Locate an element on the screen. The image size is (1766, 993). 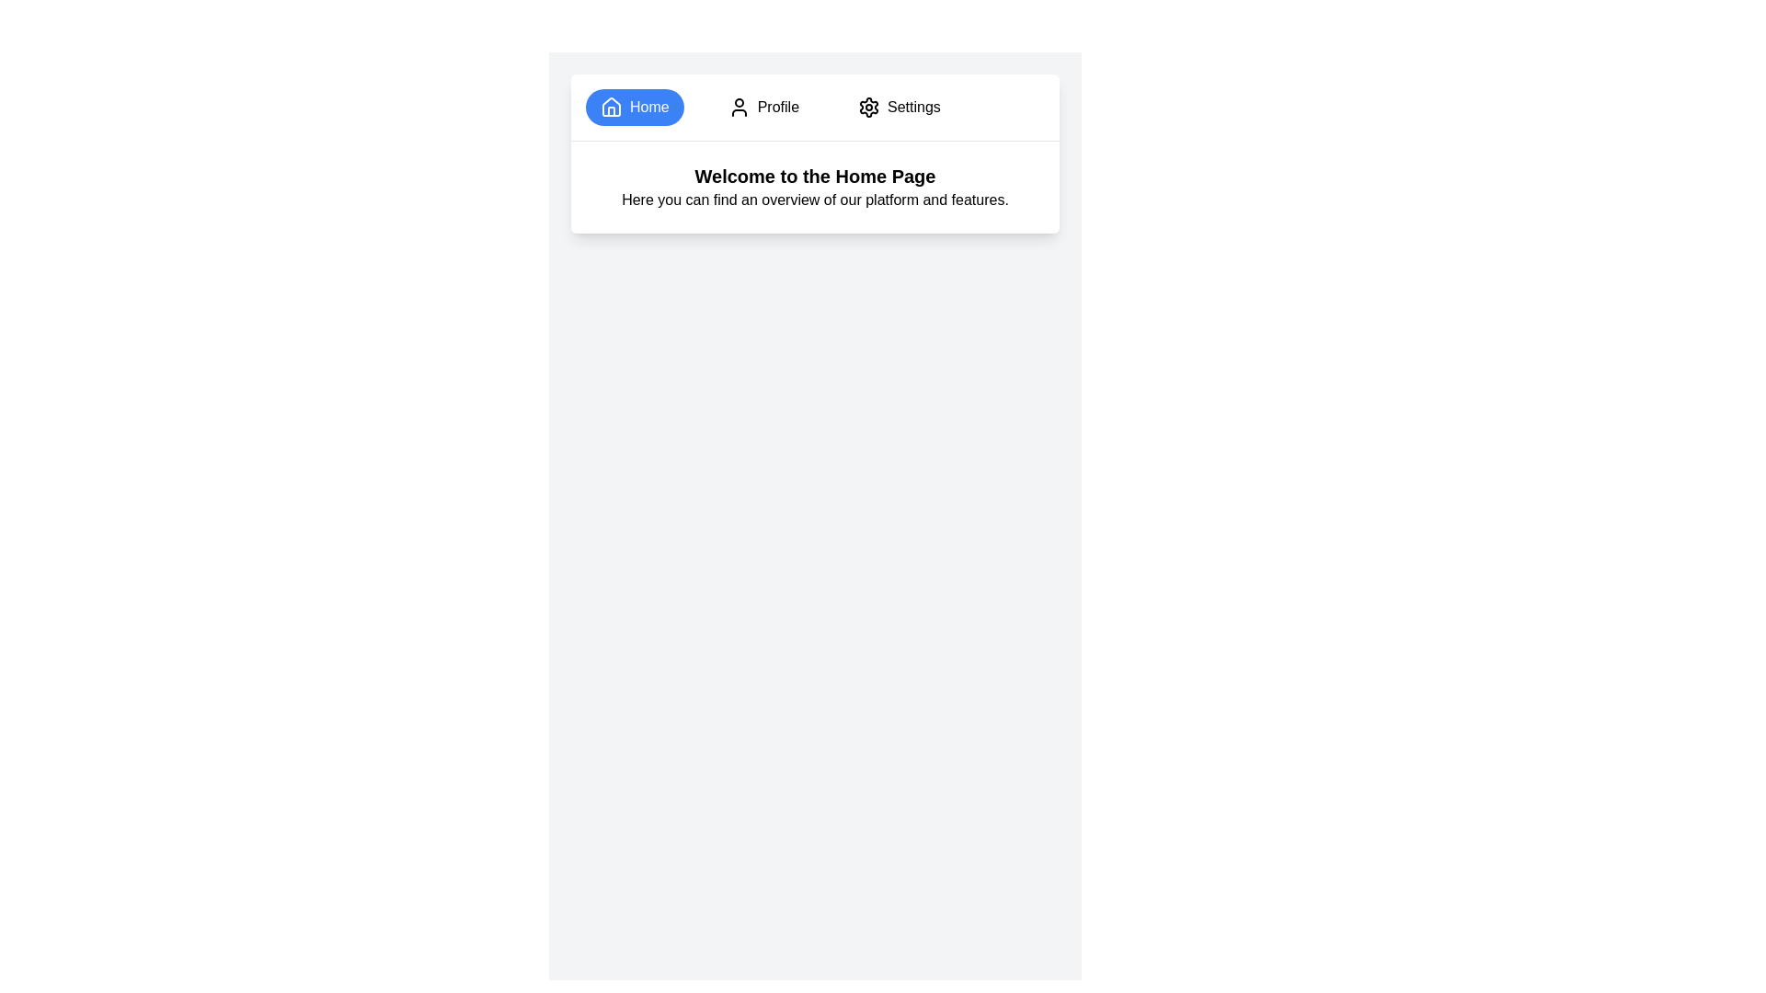
text header displaying 'Welcome to the Home Page', which is prominently positioned below the navigation bar at the top of the page is located at coordinates (814, 177).